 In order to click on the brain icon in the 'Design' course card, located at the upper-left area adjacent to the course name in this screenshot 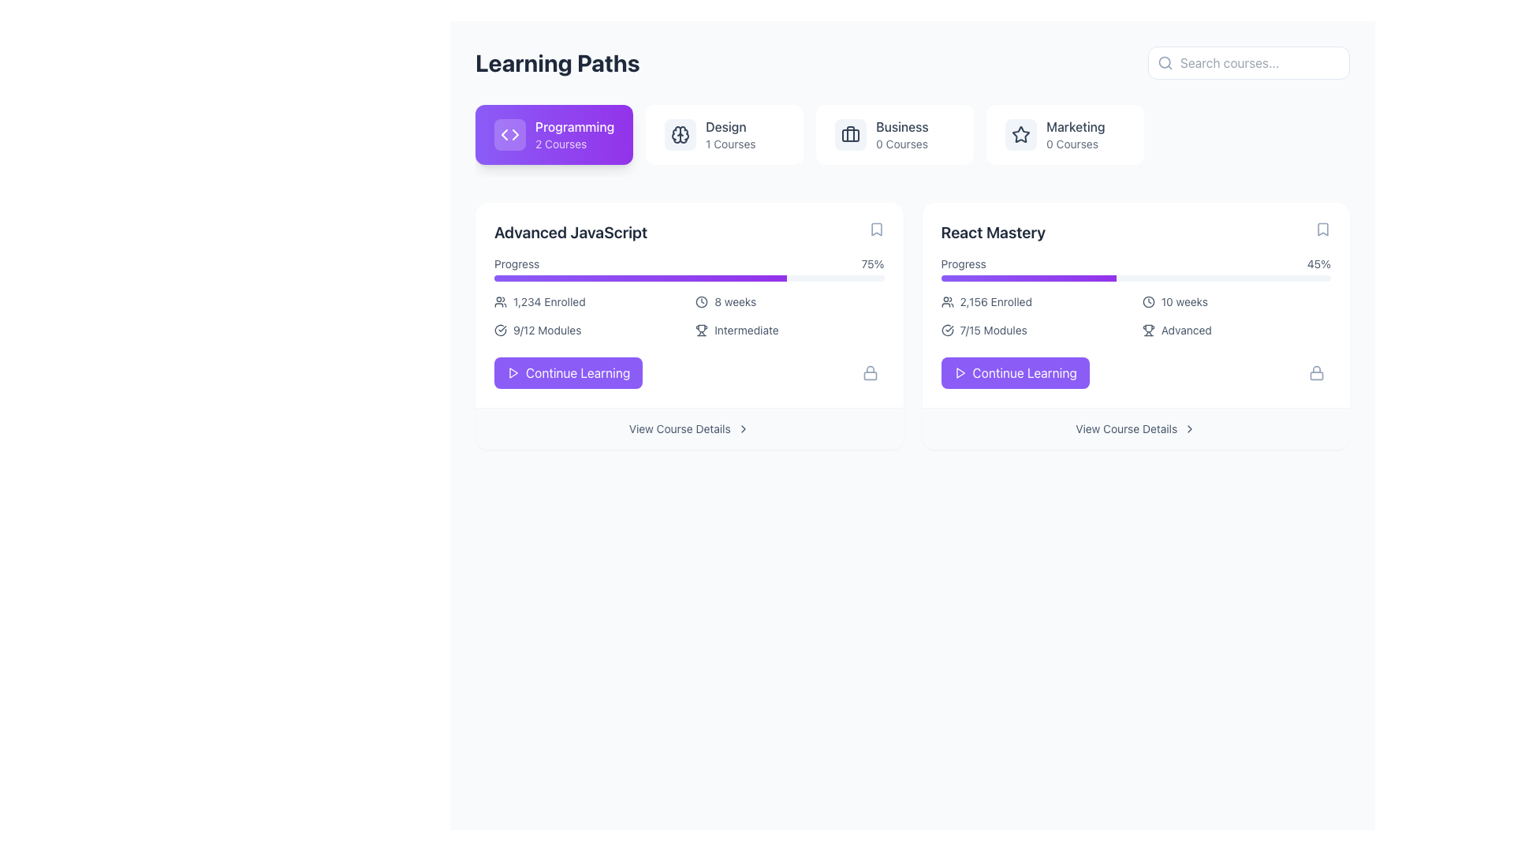, I will do `click(681, 133)`.